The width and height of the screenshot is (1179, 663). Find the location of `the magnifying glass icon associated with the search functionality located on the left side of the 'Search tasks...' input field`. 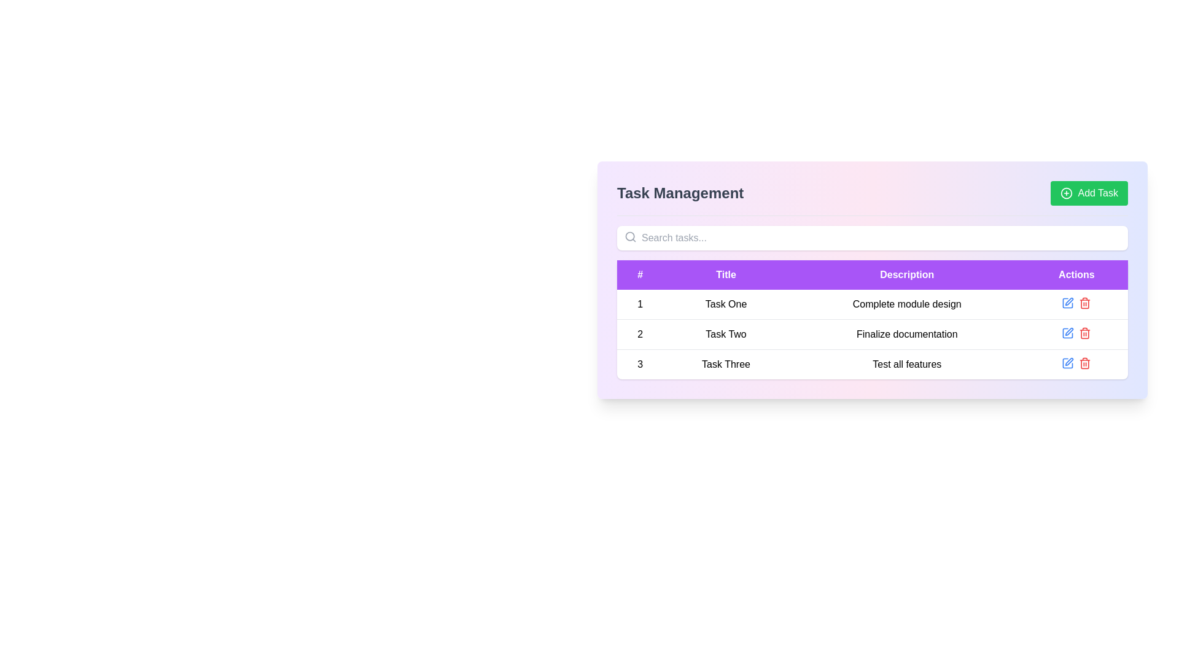

the magnifying glass icon associated with the search functionality located on the left side of the 'Search tasks...' input field is located at coordinates (631, 236).